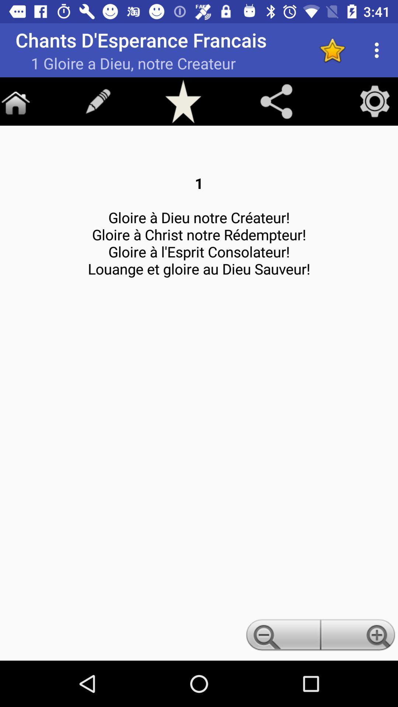 This screenshot has height=707, width=398. I want to click on to favorites, so click(183, 101).